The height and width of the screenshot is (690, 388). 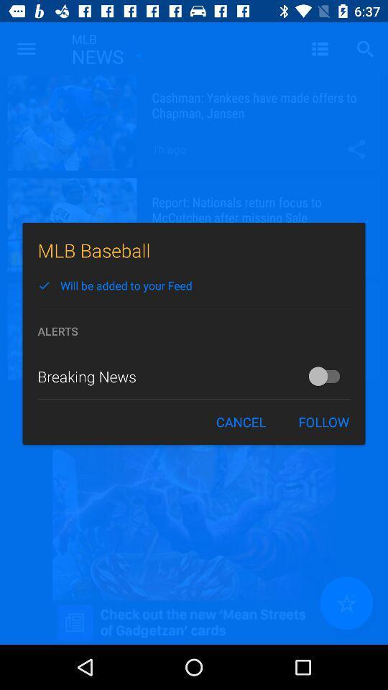 I want to click on breaking news alert, so click(x=328, y=375).